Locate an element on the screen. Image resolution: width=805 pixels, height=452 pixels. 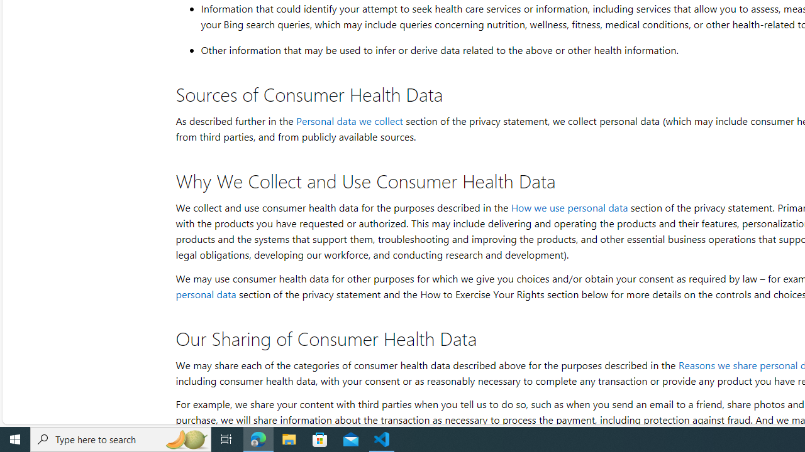
'How we use personal data' is located at coordinates (568, 207).